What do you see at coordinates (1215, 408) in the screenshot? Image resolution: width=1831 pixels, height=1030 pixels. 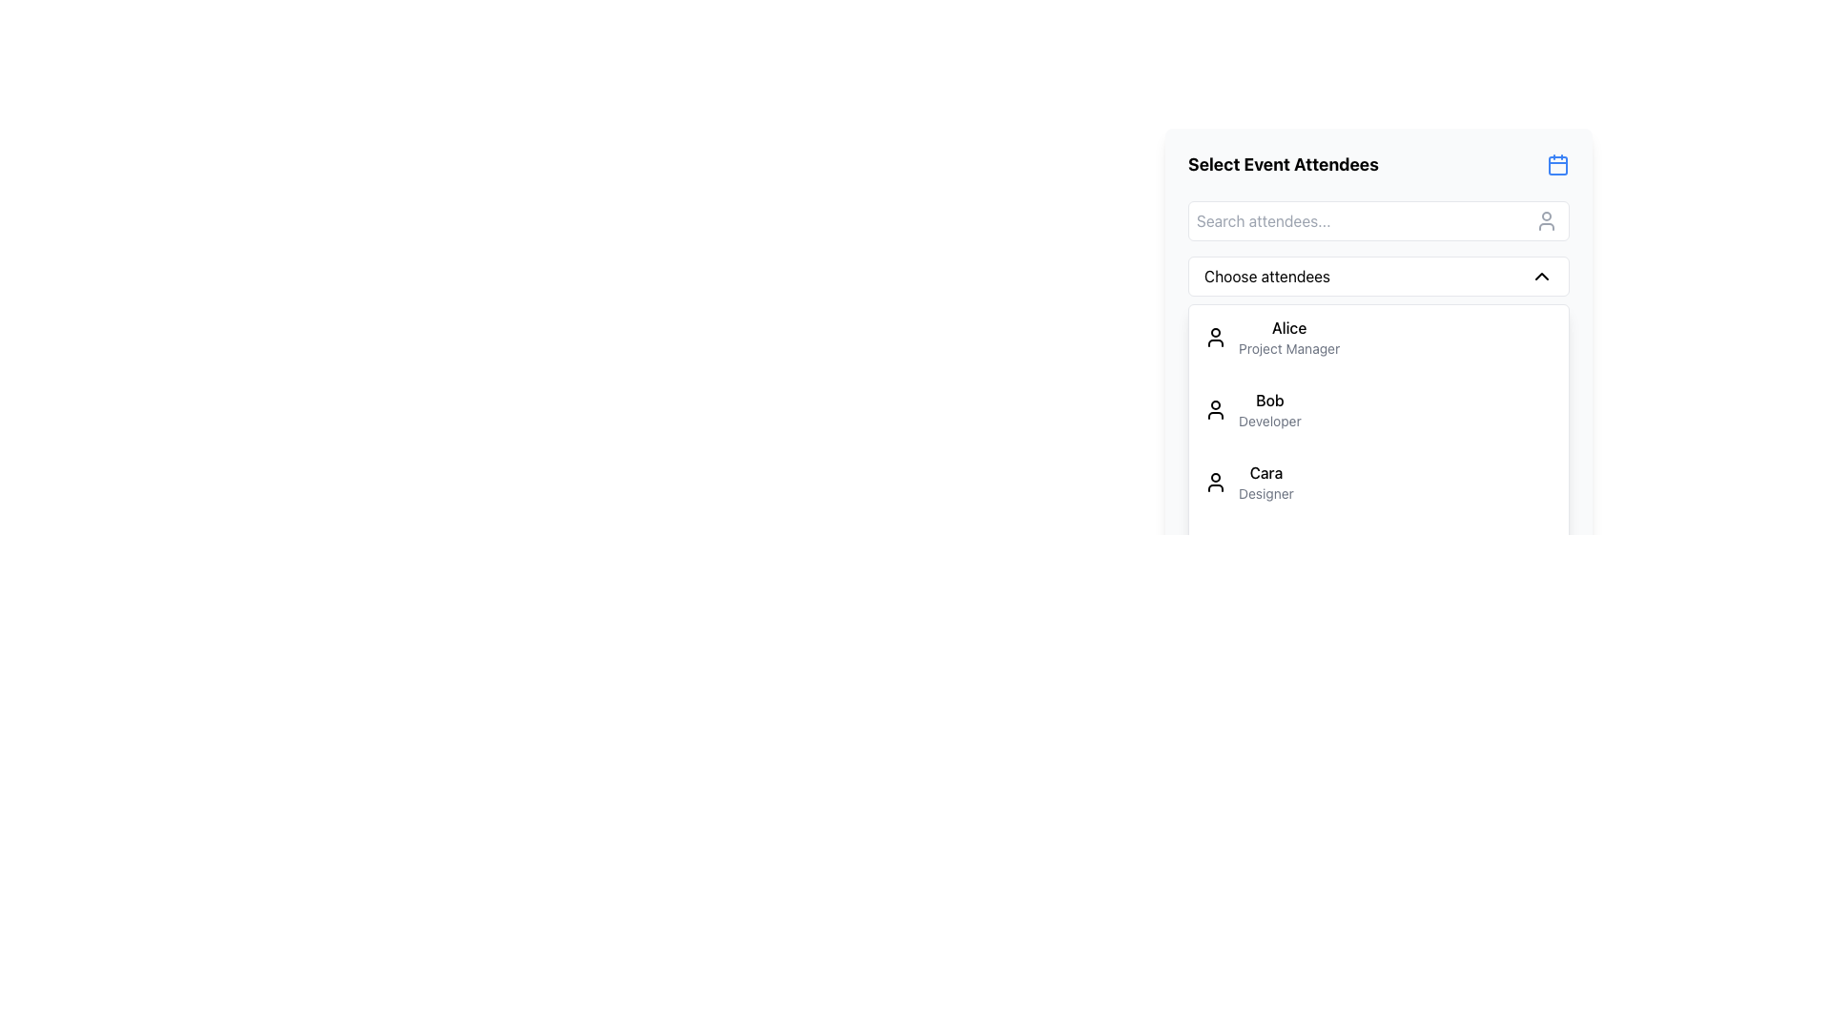 I see `the user profile icon representing 'Bob', which is styled in a clean, minimalistic line-drawing aesthetic and located in the 'Select Event Attendees' section` at bounding box center [1215, 408].